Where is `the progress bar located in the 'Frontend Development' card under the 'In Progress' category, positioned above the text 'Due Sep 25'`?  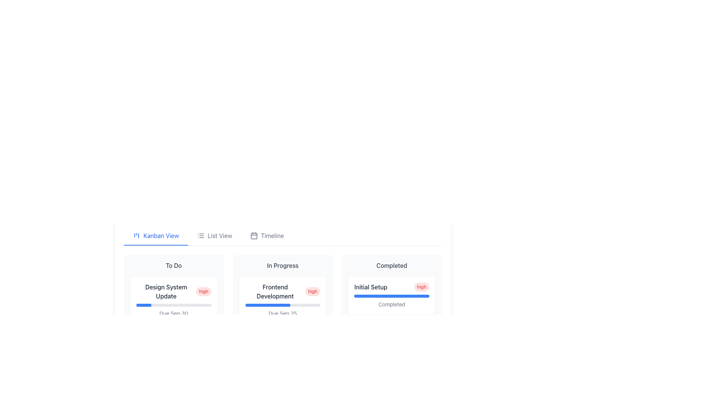
the progress bar located in the 'Frontend Development' card under the 'In Progress' category, positioned above the text 'Due Sep 25' is located at coordinates (268, 304).